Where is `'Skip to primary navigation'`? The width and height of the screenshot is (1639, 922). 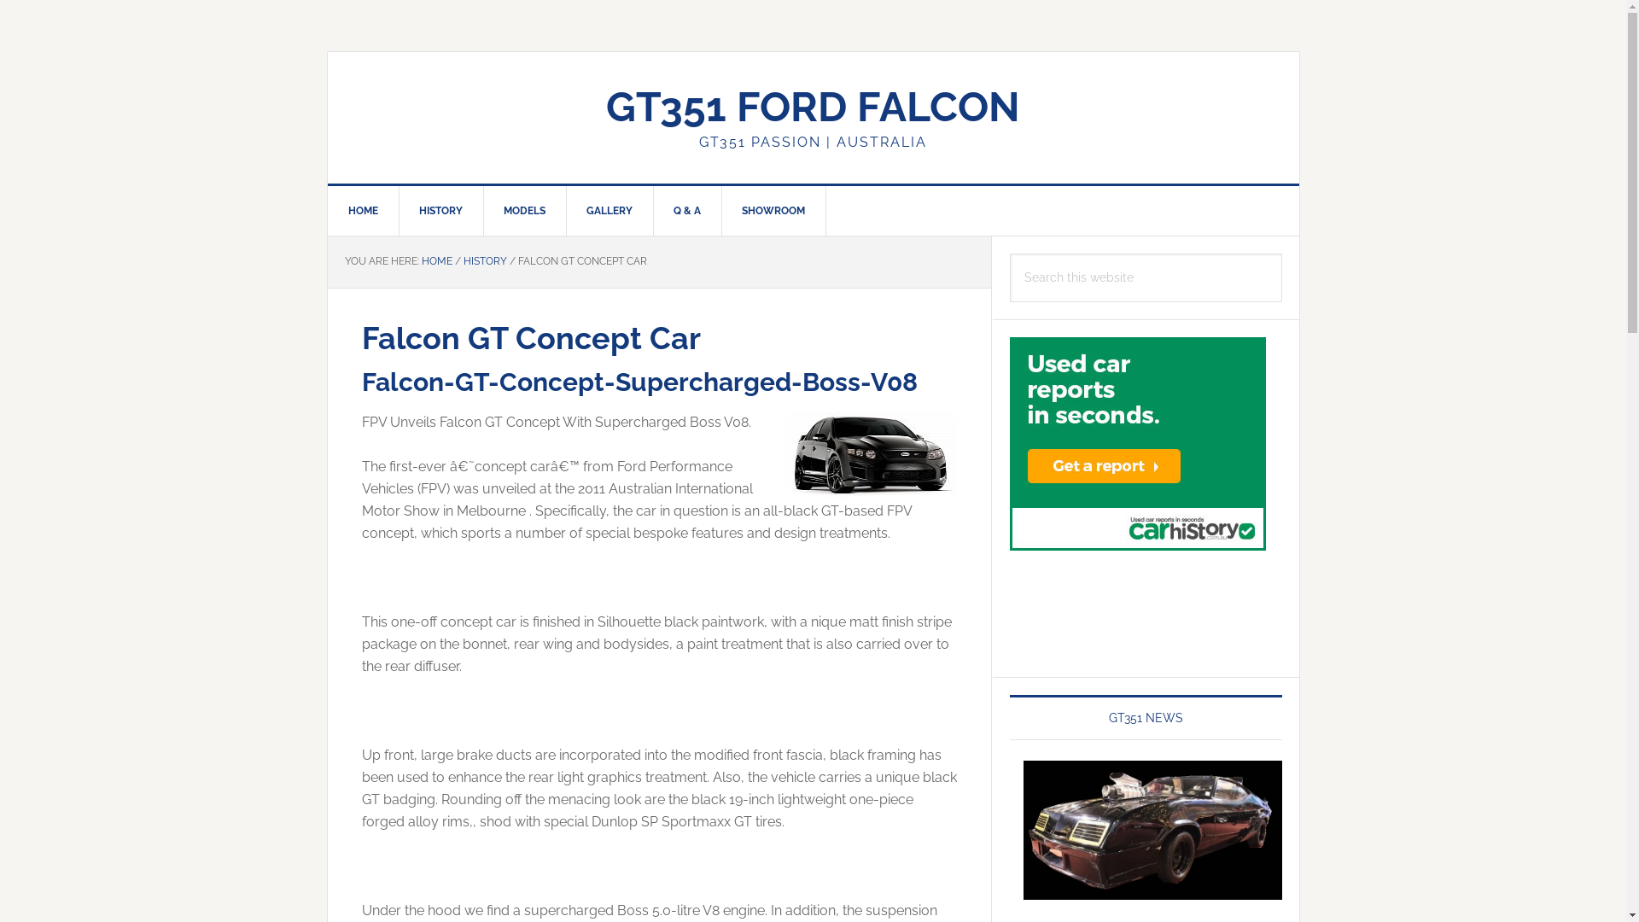
'Skip to primary navigation' is located at coordinates (0, 0).